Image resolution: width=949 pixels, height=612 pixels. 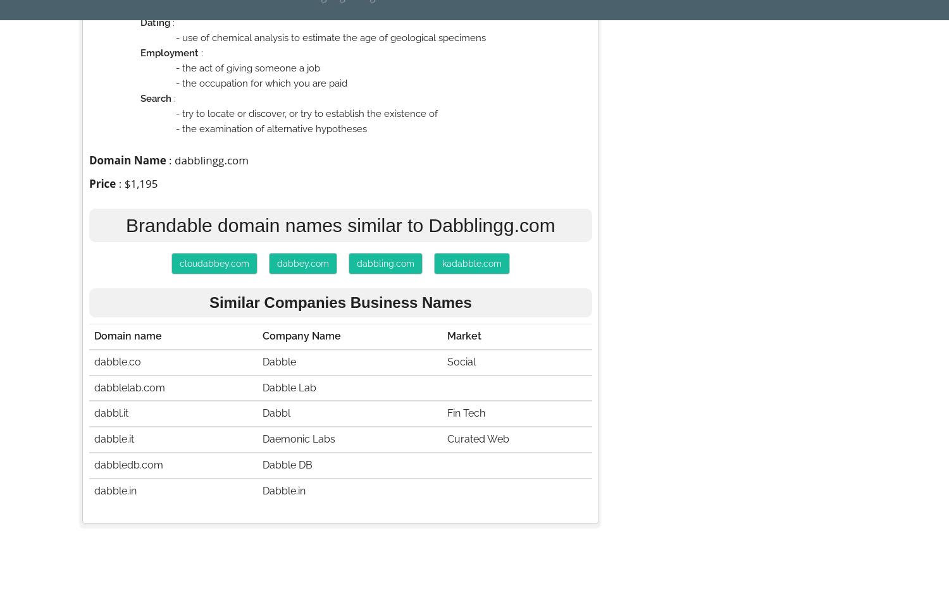 What do you see at coordinates (140, 23) in the screenshot?
I see `'Dating'` at bounding box center [140, 23].